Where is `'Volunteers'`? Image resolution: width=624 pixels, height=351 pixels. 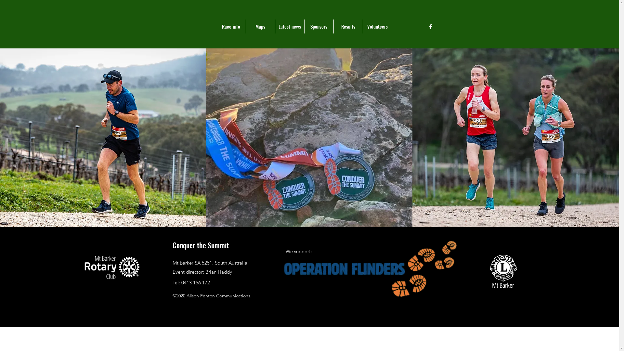 'Volunteers' is located at coordinates (377, 26).